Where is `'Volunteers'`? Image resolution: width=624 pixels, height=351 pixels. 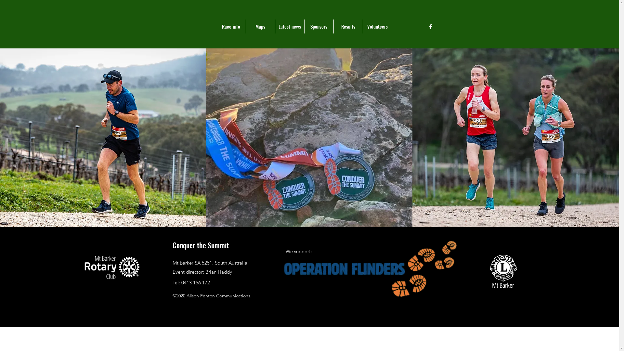 'Volunteers' is located at coordinates (377, 26).